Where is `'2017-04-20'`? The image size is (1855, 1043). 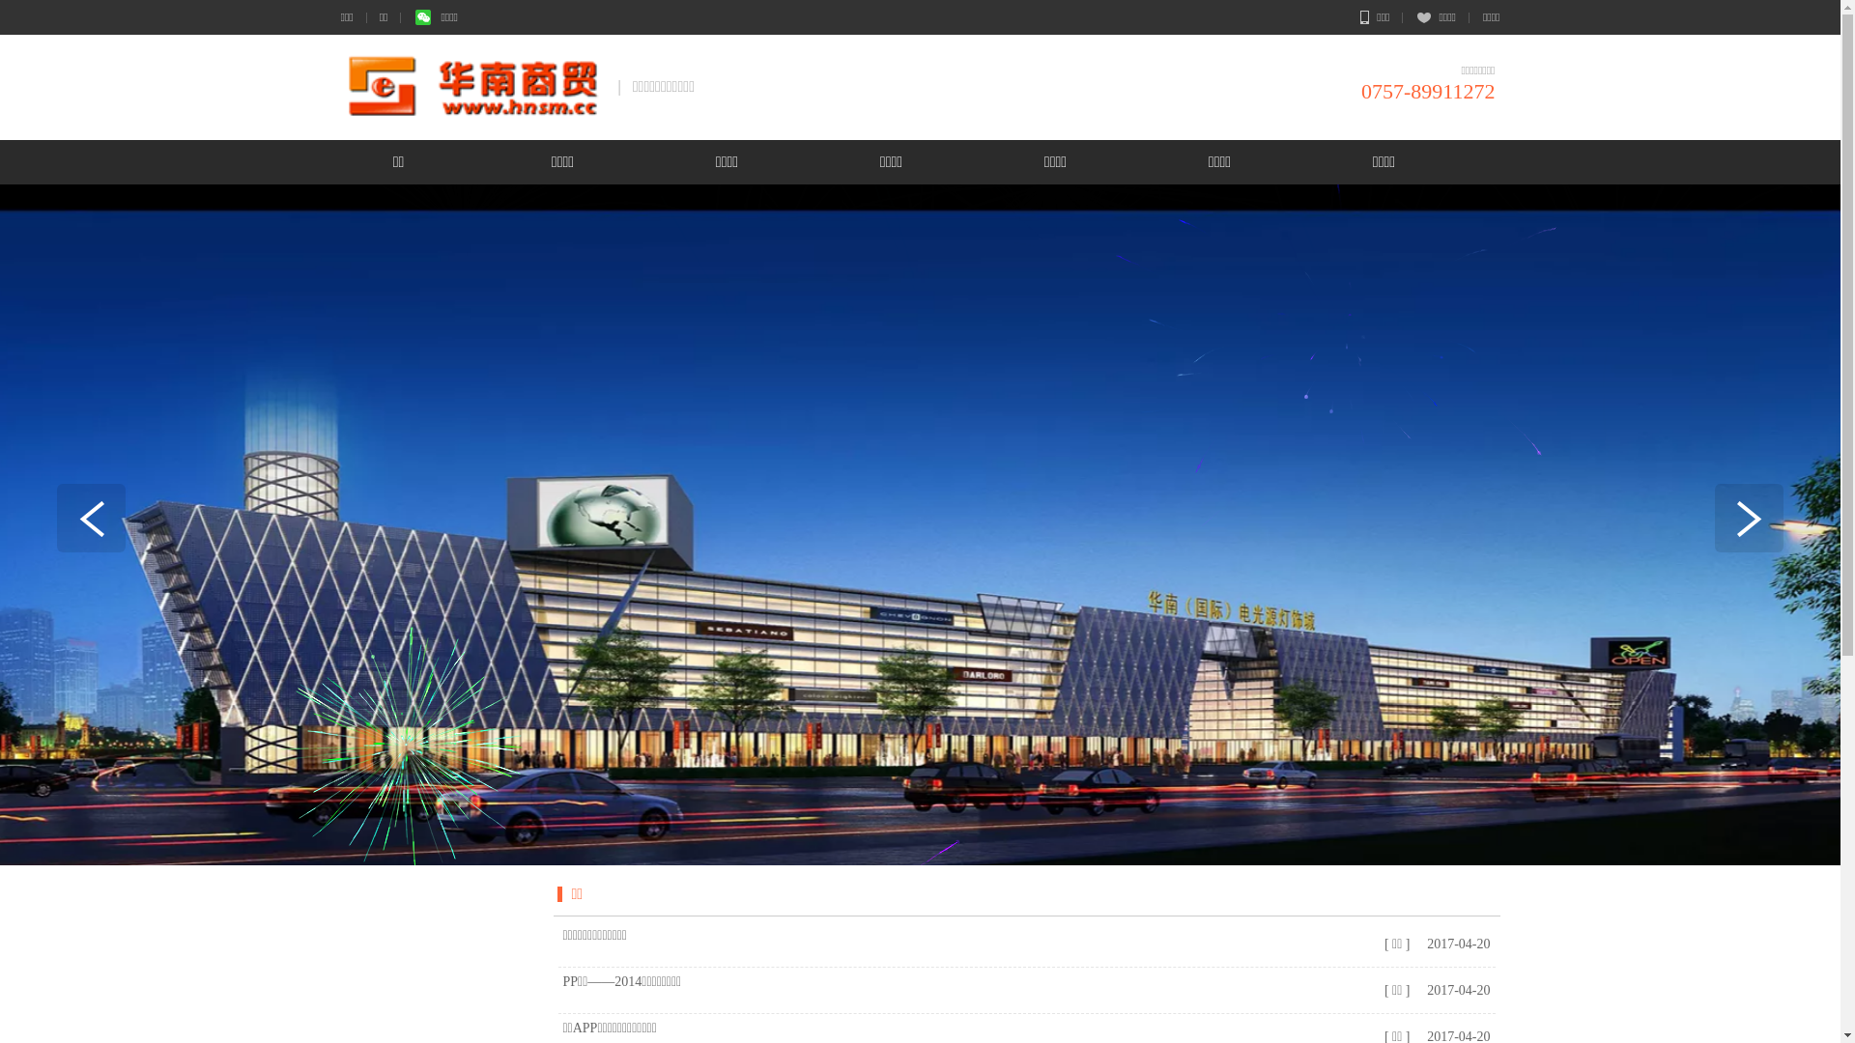 '2017-04-20' is located at coordinates (1456, 990).